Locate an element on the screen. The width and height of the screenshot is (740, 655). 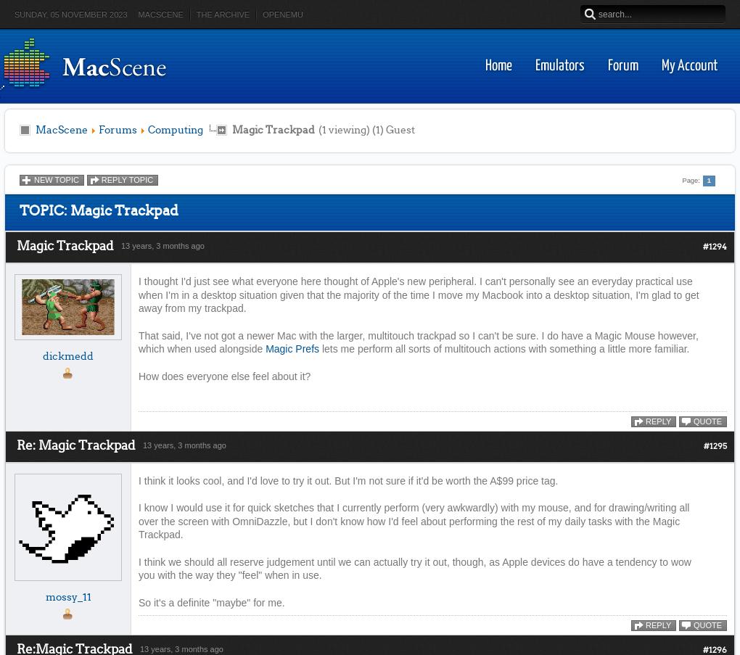
'I think we should all reserve judgement until we can actually try it out, though, as Apple devices do have a tendency to wow you with the way they "feel" when in use.' is located at coordinates (414, 567).